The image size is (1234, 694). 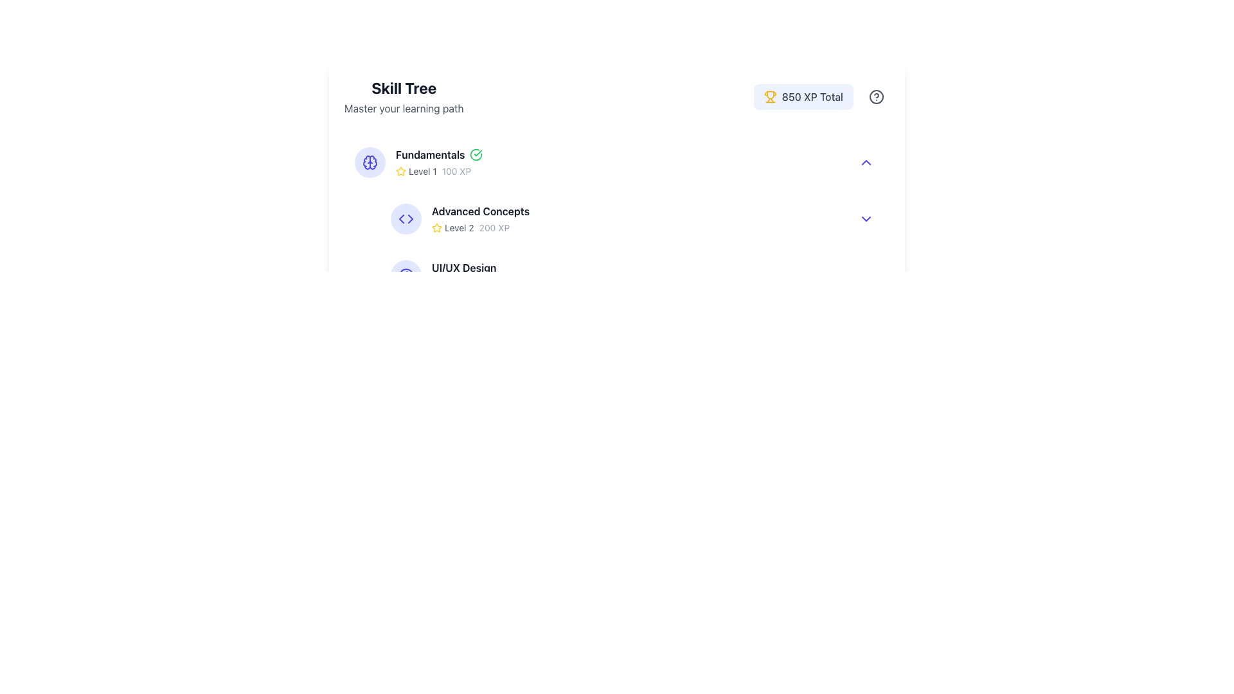 What do you see at coordinates (422, 170) in the screenshot?
I see `the Text Label that indicates the user's current level within the learning or gamified progression system, positioned below the 'Skill Tree' heading and next to the 'Fundamentals' label` at bounding box center [422, 170].